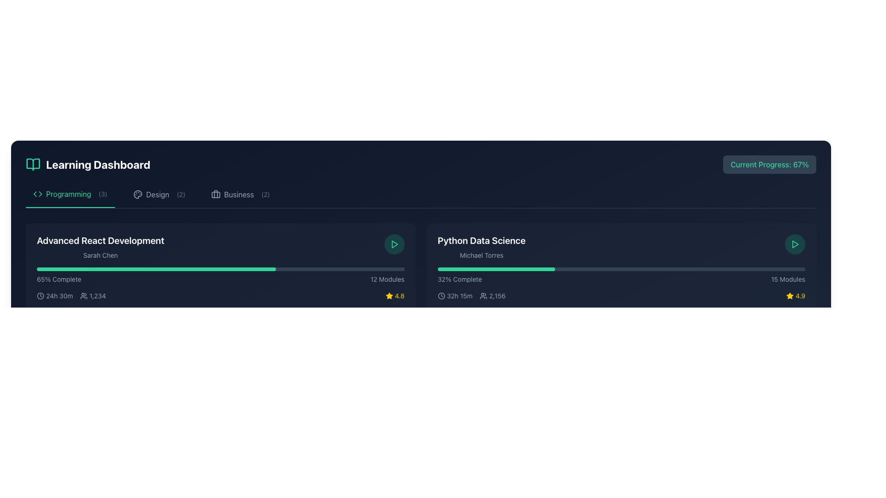 The height and width of the screenshot is (498, 886). Describe the element at coordinates (93, 296) in the screenshot. I see `the text label displaying the numeric value '1,234' styled in gray font, which is accompanied by an icon of a group of people to its left, positioned in the lower portion of the card for the 'Advanced React Development' course` at that location.